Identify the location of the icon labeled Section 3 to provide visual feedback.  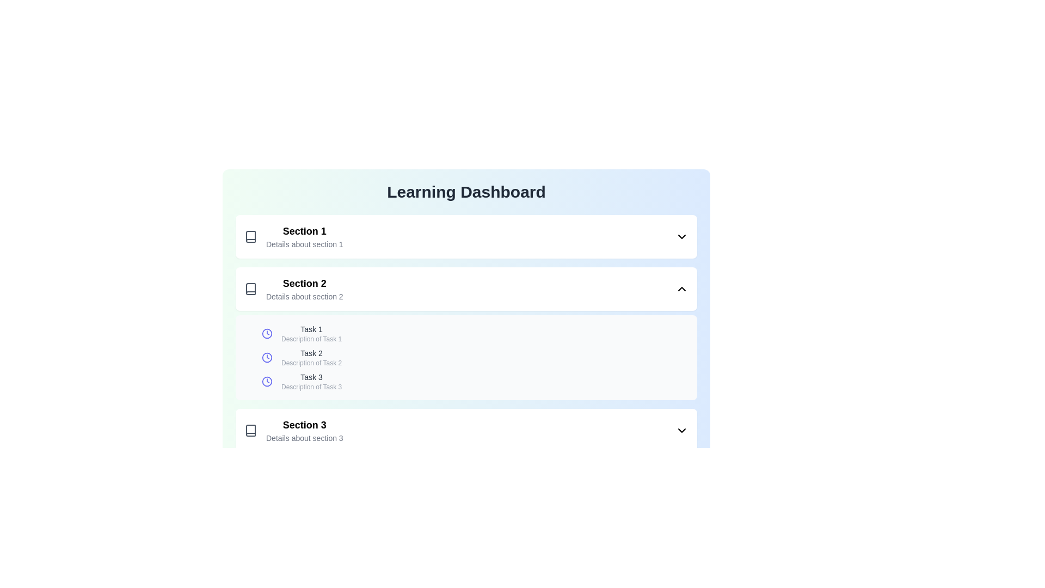
(250, 430).